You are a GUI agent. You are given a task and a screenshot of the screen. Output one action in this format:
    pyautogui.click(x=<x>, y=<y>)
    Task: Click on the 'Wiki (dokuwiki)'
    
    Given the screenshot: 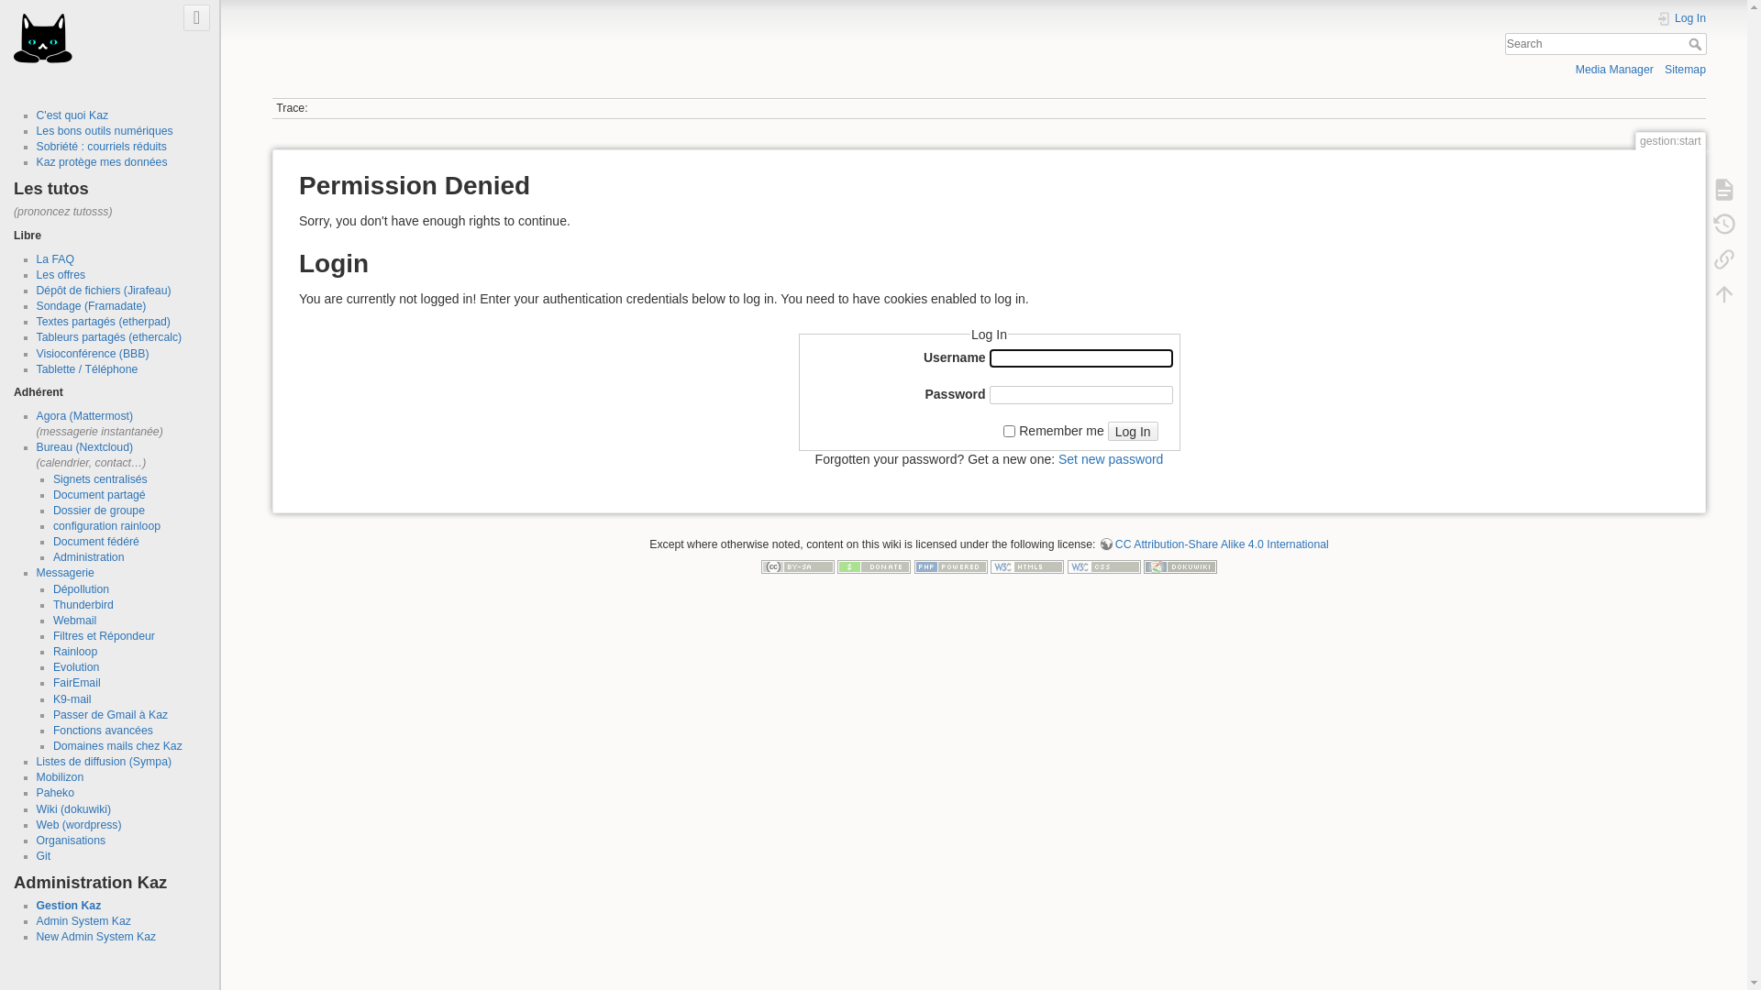 What is the action you would take?
    pyautogui.click(x=73, y=808)
    